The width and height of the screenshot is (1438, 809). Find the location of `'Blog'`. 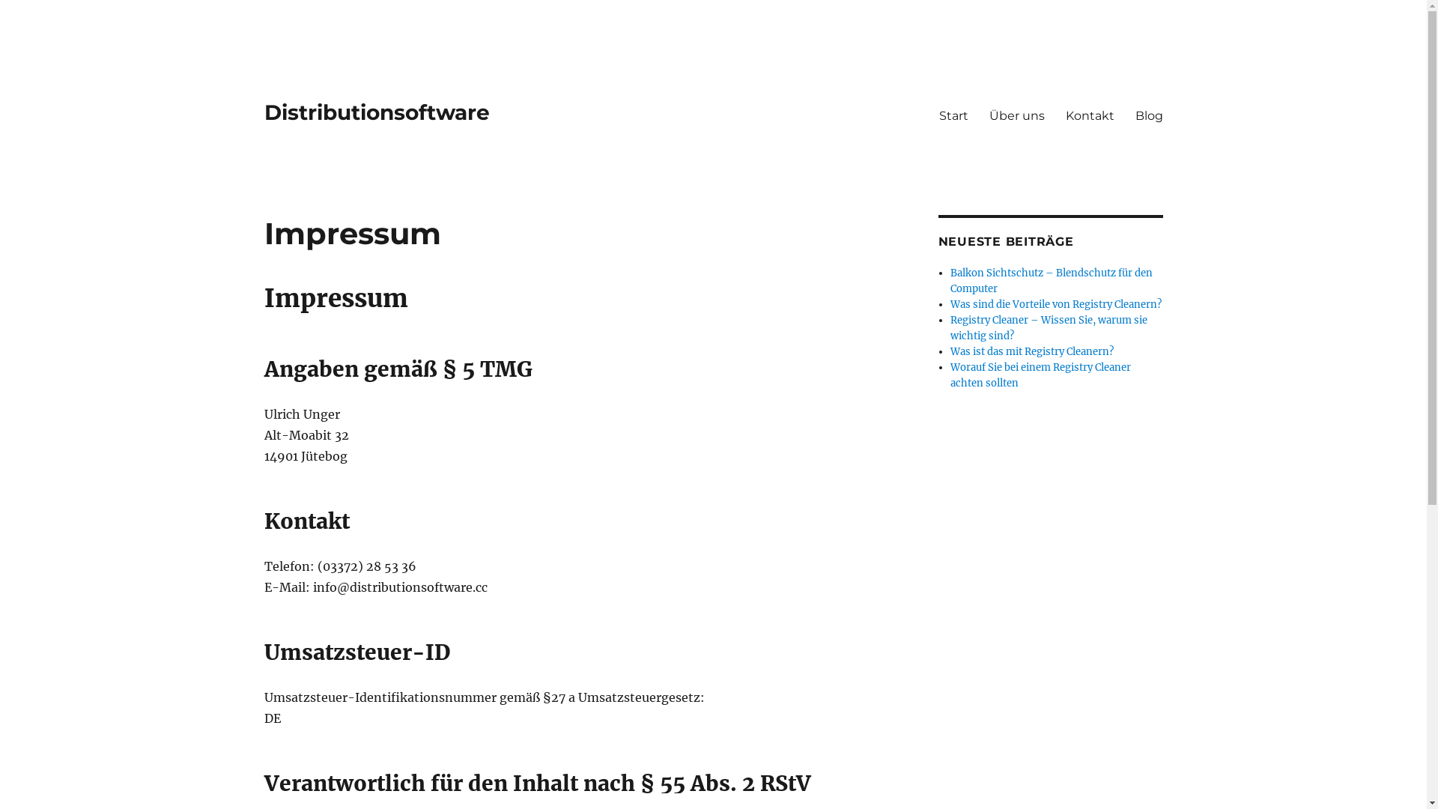

'Blog' is located at coordinates (1148, 115).